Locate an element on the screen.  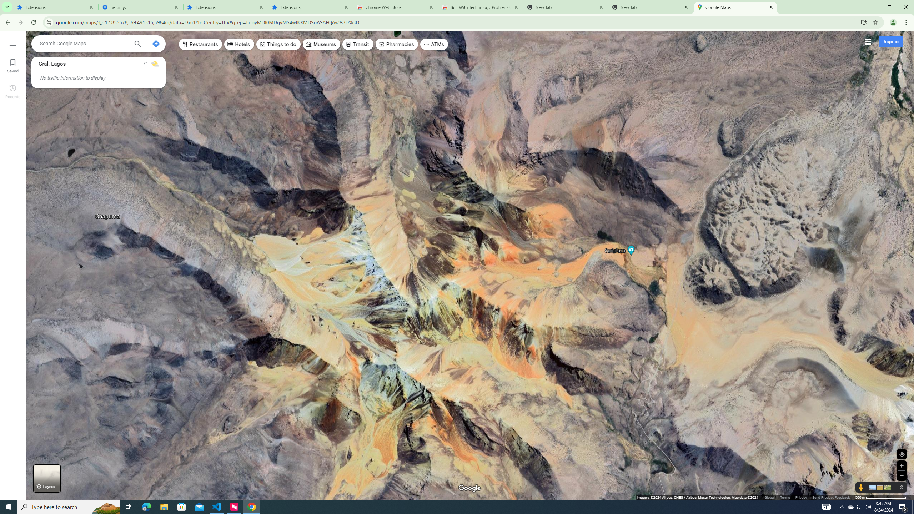
'Zoom in' is located at coordinates (901, 465).